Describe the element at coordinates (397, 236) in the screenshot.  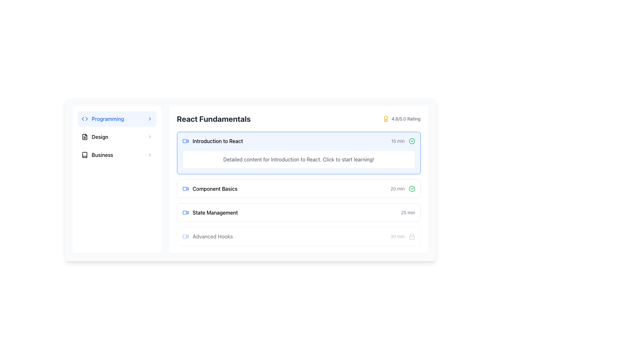
I see `the text label displaying '30 min' located in the rightmost part of the fourth row of a list, next to a lock icon` at that location.